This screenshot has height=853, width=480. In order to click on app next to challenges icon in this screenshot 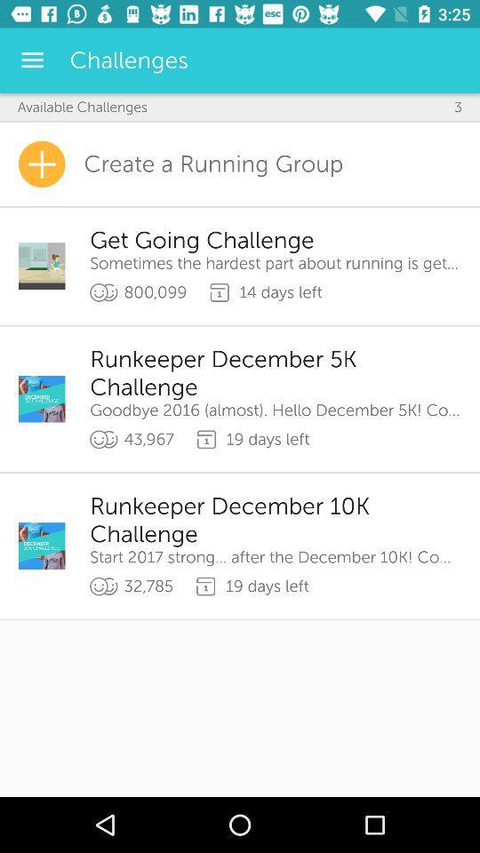, I will do `click(32, 60)`.